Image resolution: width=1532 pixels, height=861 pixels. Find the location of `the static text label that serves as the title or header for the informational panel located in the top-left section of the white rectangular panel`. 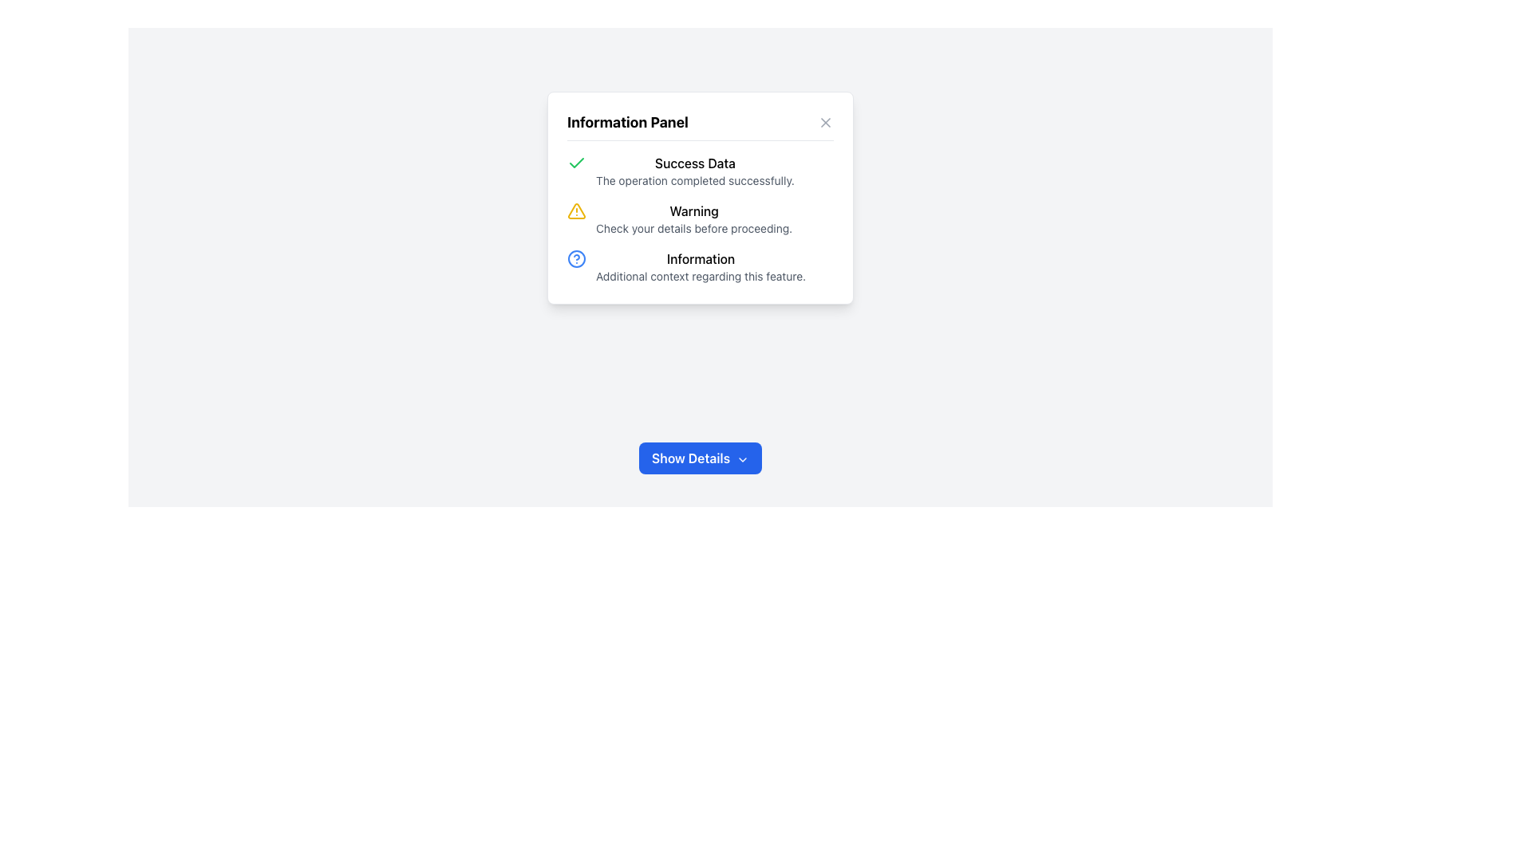

the static text label that serves as the title or header for the informational panel located in the top-left section of the white rectangular panel is located at coordinates (626, 122).